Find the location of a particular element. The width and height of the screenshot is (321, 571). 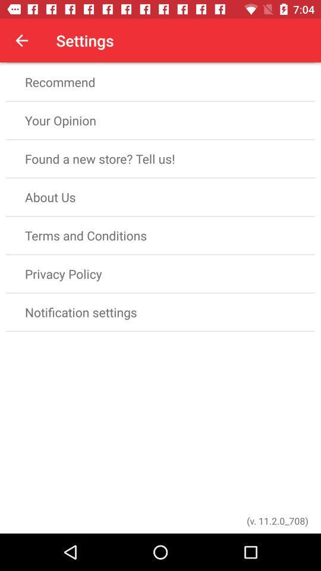

rate app item is located at coordinates (160, 43).